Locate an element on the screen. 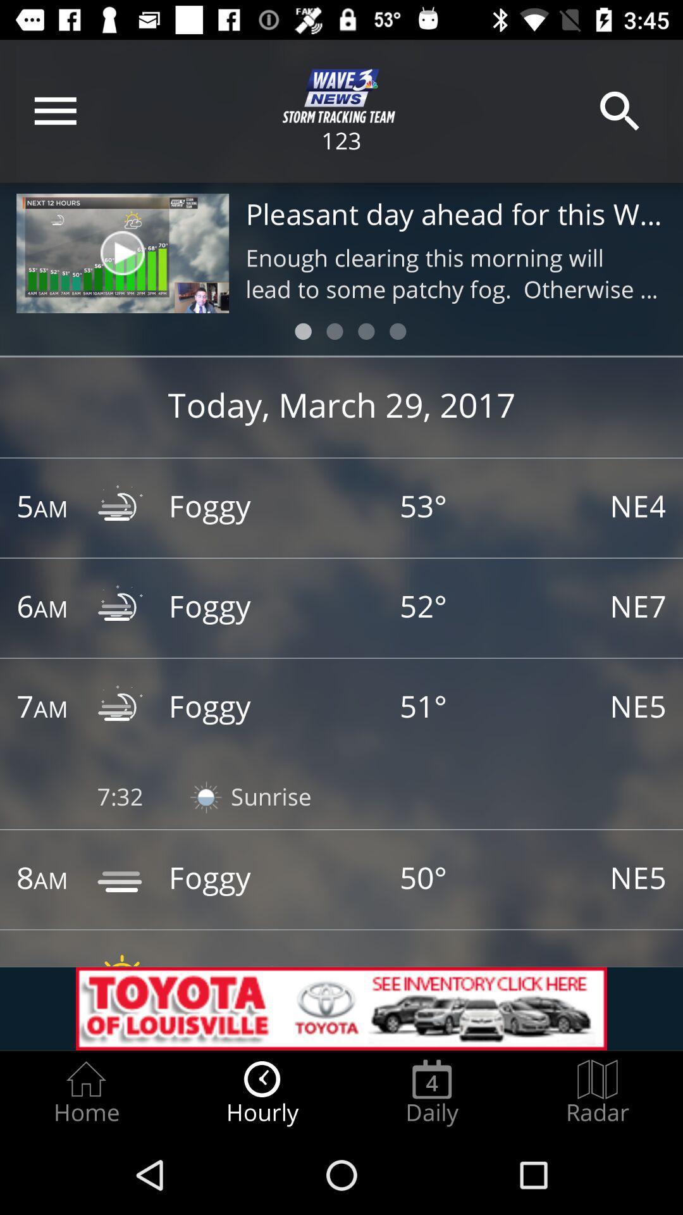 The height and width of the screenshot is (1215, 683). icon to the left of radar is located at coordinates (431, 1092).